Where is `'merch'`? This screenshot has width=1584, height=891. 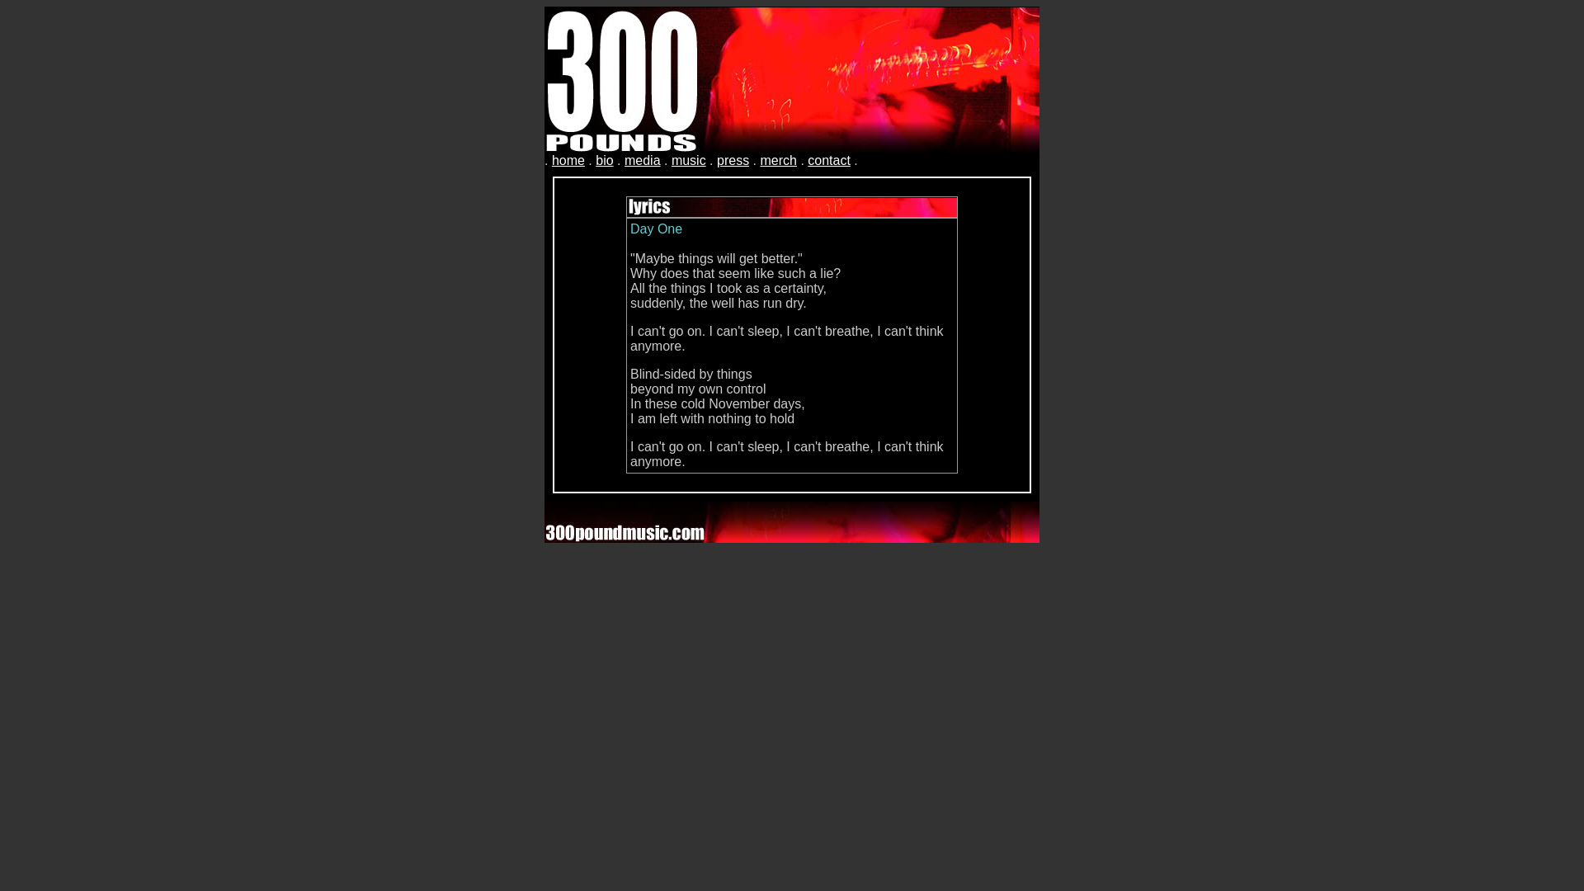
'merch' is located at coordinates (776, 160).